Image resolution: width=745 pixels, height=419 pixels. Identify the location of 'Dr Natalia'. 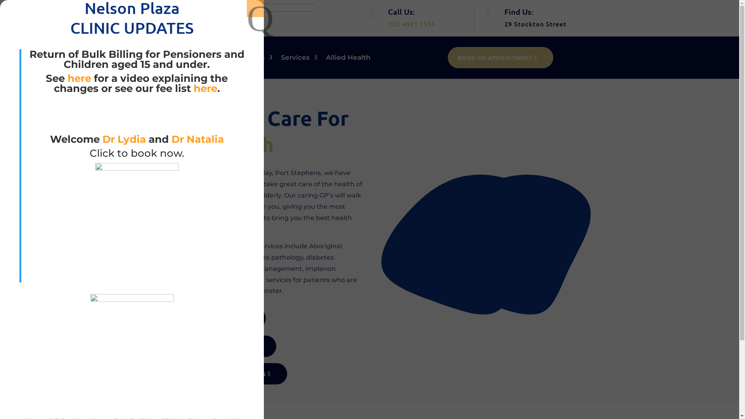
(171, 139).